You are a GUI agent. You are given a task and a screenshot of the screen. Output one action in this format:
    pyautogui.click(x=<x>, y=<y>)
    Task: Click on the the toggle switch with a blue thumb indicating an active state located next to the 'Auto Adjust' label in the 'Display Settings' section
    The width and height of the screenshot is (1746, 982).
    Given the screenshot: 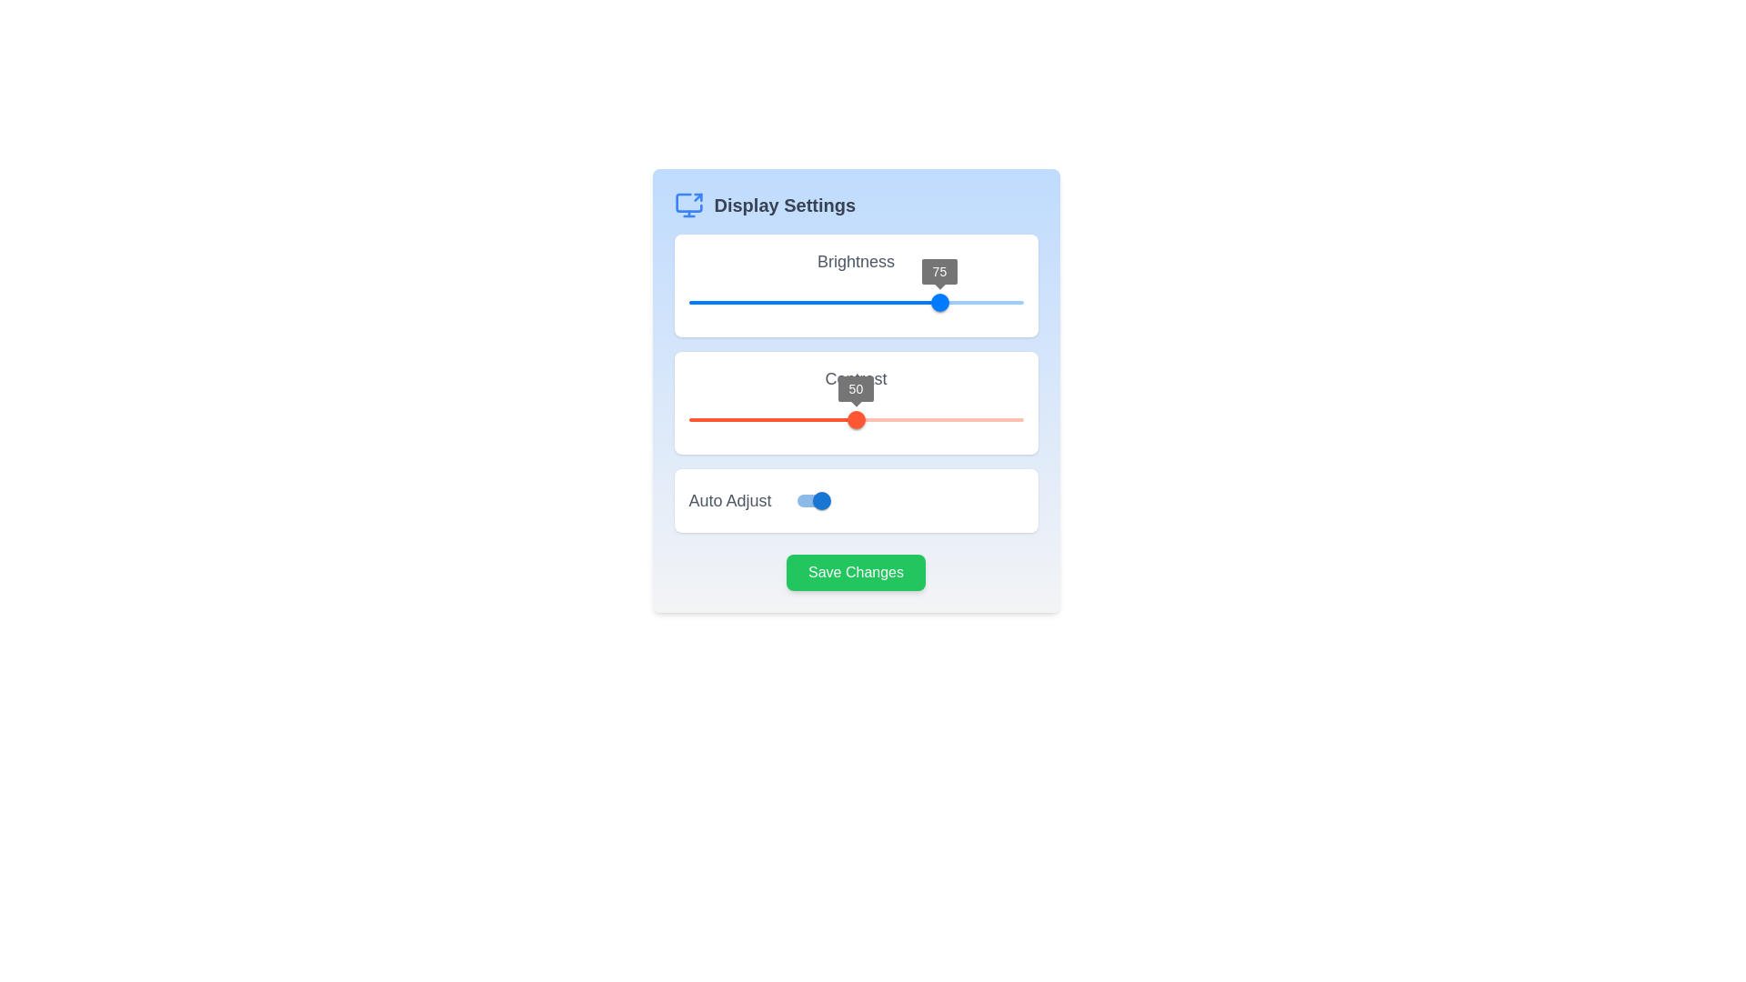 What is the action you would take?
    pyautogui.click(x=811, y=501)
    